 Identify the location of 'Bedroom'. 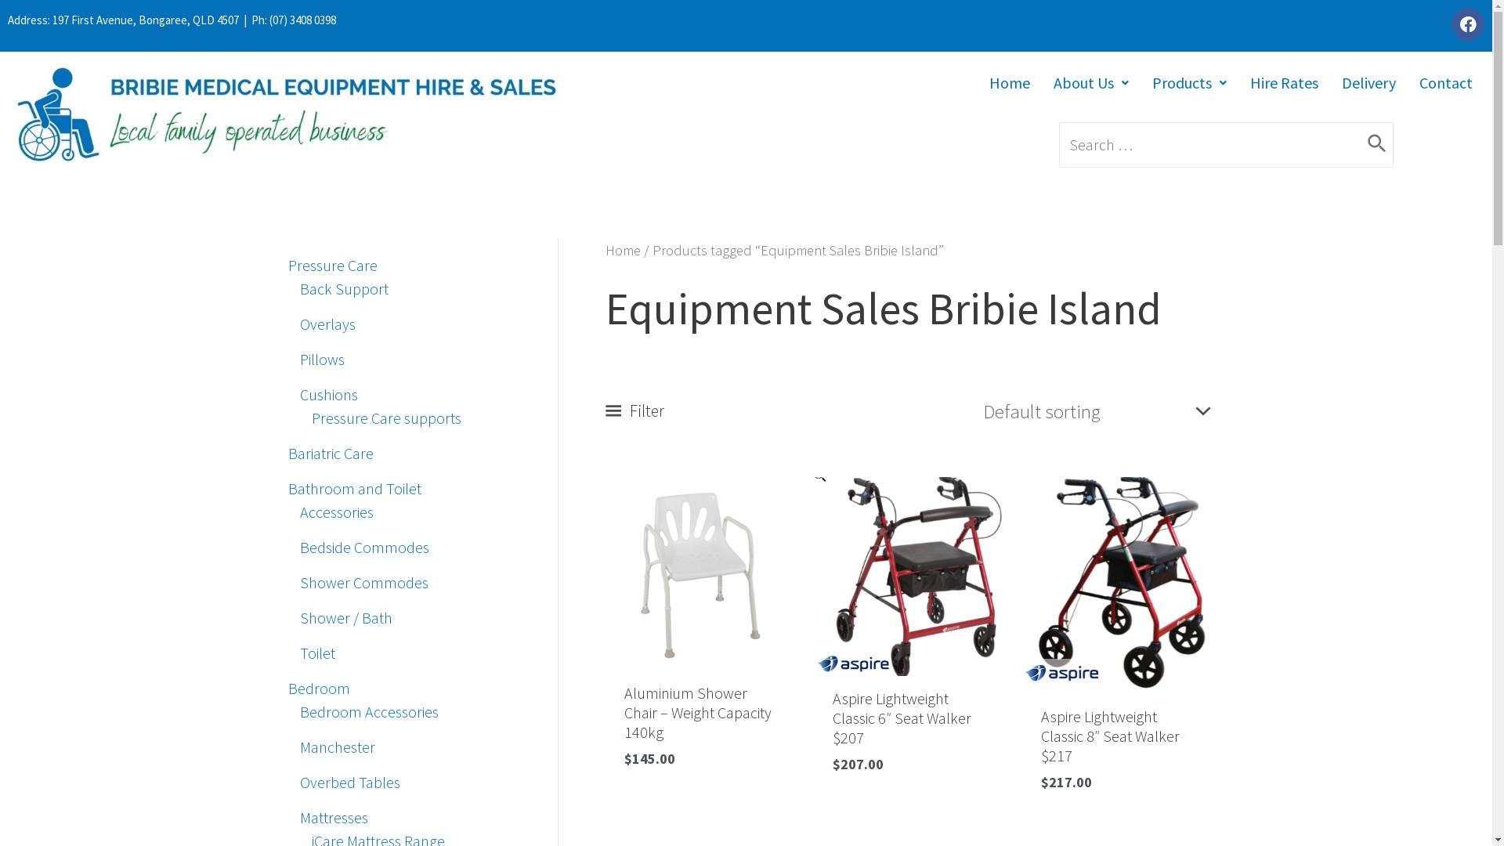
(318, 687).